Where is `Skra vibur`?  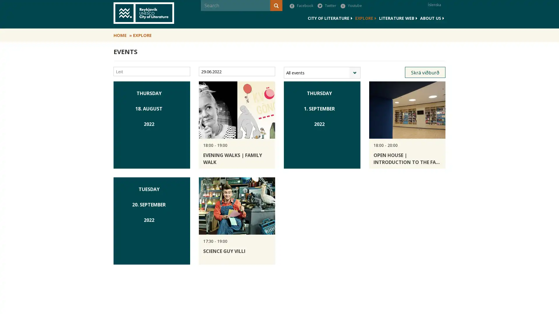
Skra vibur is located at coordinates (425, 72).